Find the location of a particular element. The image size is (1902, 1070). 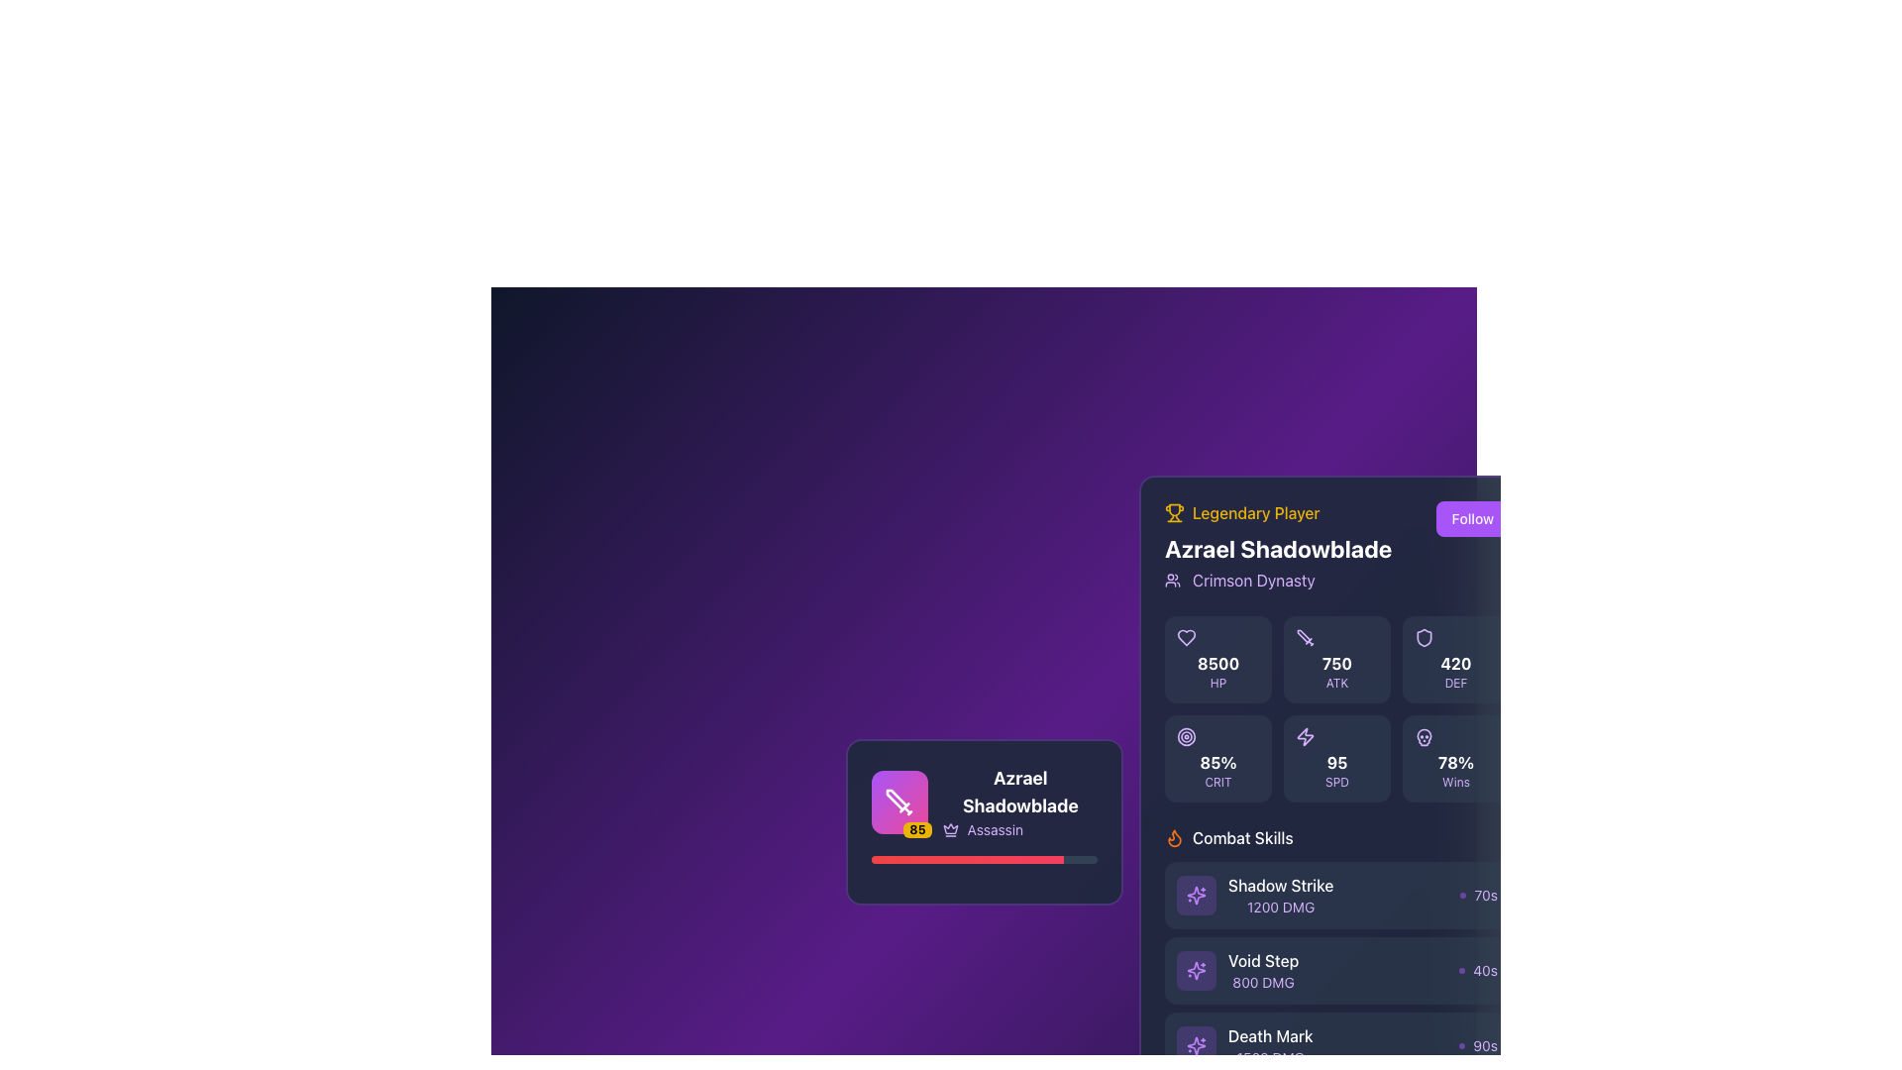

the shield-shaped SVG icon associated with the '420 DEF' attribute located near the right-hand side of the 'DEF' panel is located at coordinates (1423, 638).